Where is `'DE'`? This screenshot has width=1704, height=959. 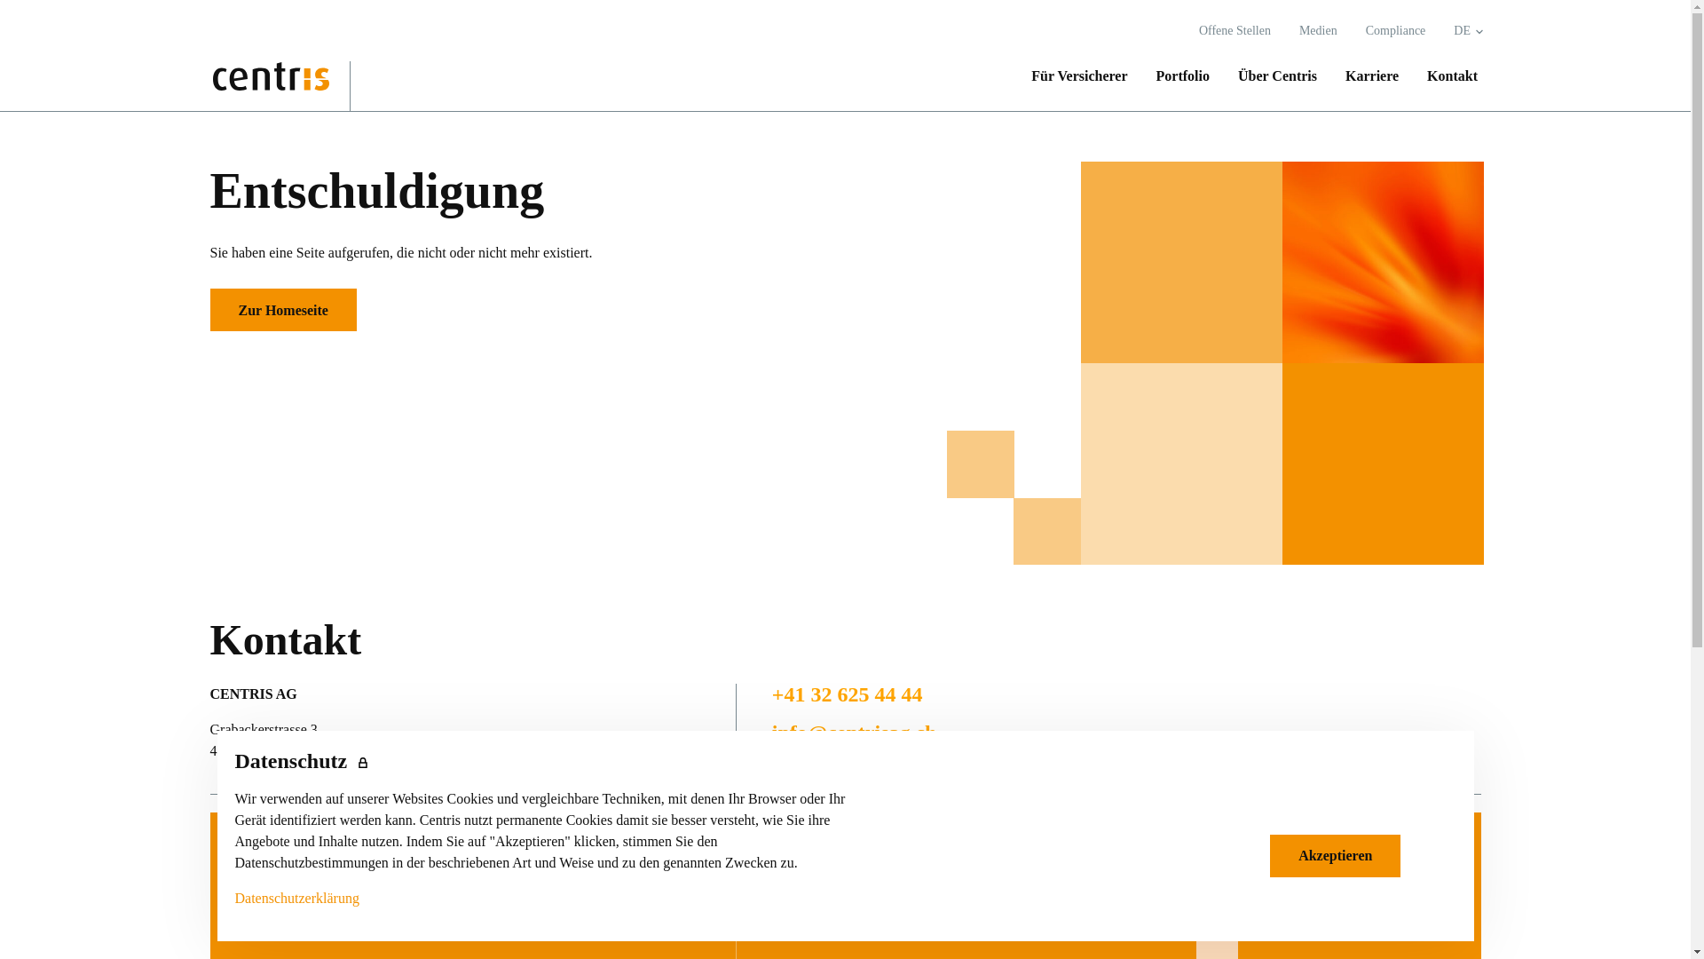 'DE' is located at coordinates (1461, 30).